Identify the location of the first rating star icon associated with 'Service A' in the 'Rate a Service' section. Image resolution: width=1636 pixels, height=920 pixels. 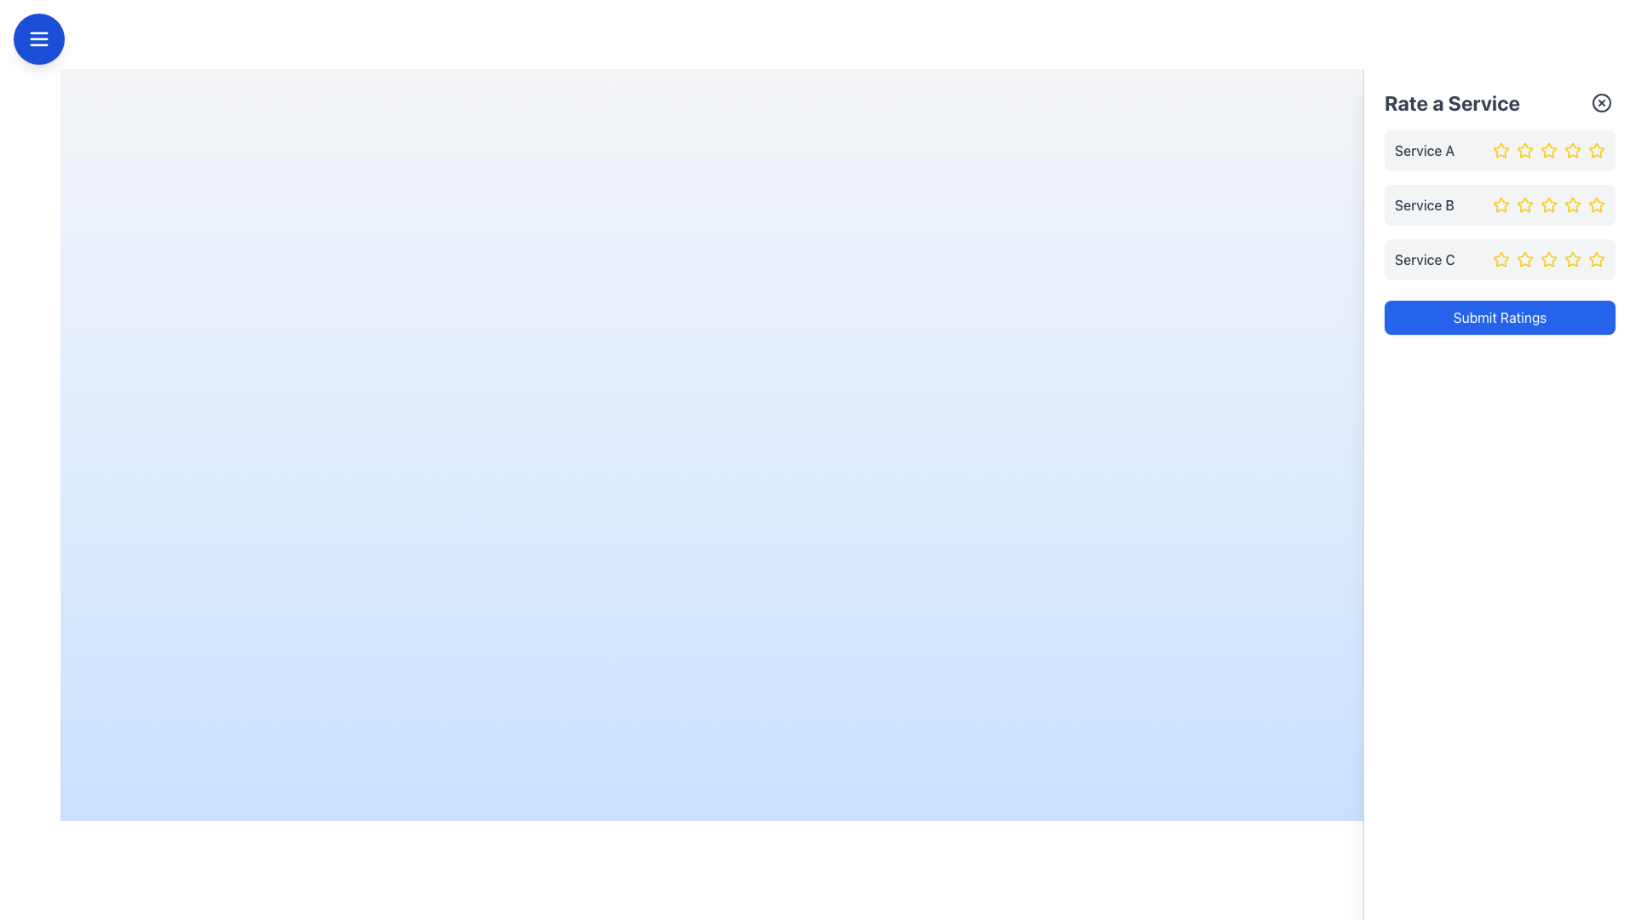
(1501, 149).